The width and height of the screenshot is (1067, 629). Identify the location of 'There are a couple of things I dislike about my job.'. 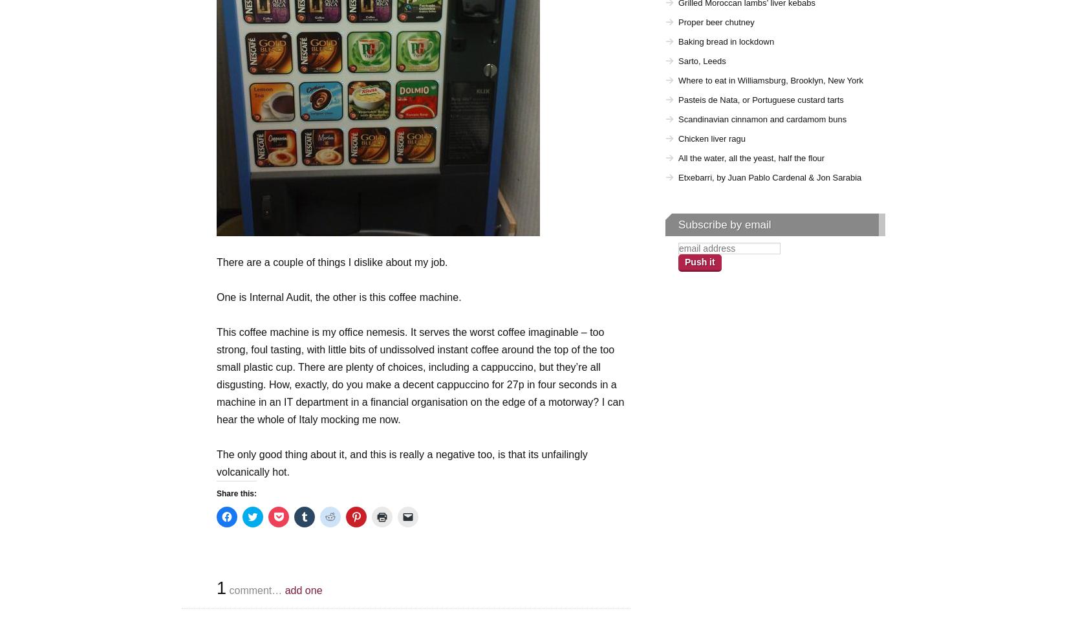
(216, 262).